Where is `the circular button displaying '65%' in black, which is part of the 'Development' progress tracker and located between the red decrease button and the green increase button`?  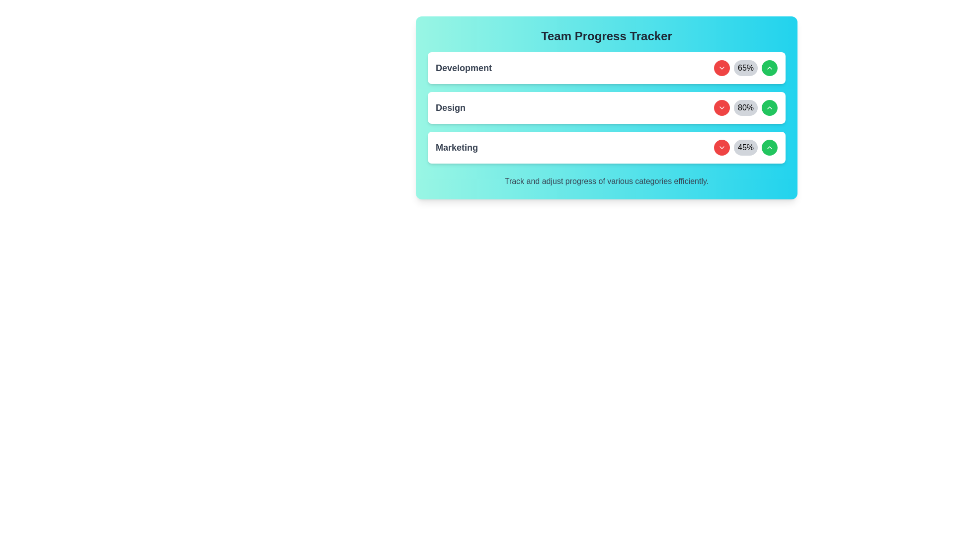 the circular button displaying '65%' in black, which is part of the 'Development' progress tracker and located between the red decrease button and the green increase button is located at coordinates (746, 68).